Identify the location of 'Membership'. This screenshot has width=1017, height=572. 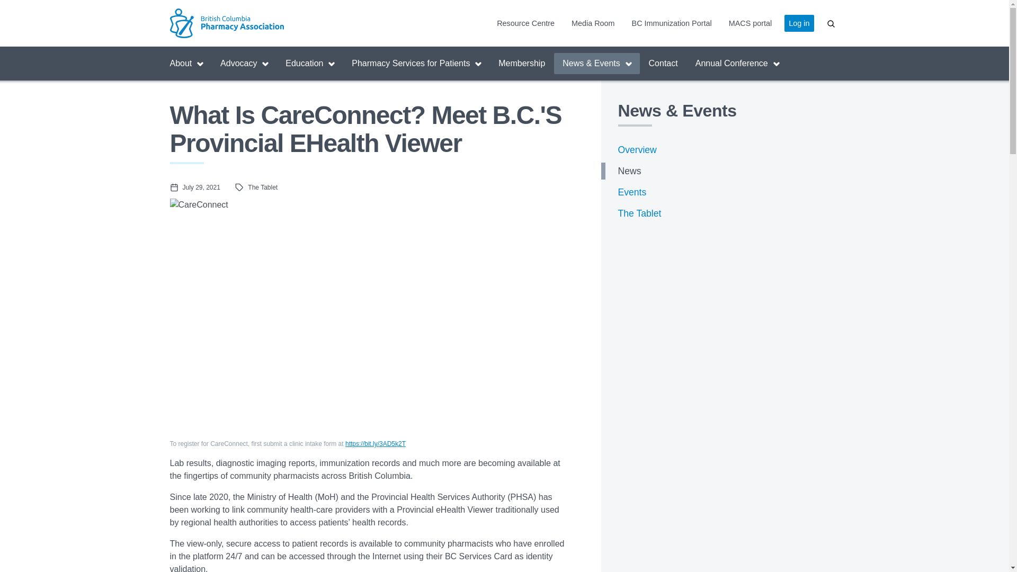
(521, 63).